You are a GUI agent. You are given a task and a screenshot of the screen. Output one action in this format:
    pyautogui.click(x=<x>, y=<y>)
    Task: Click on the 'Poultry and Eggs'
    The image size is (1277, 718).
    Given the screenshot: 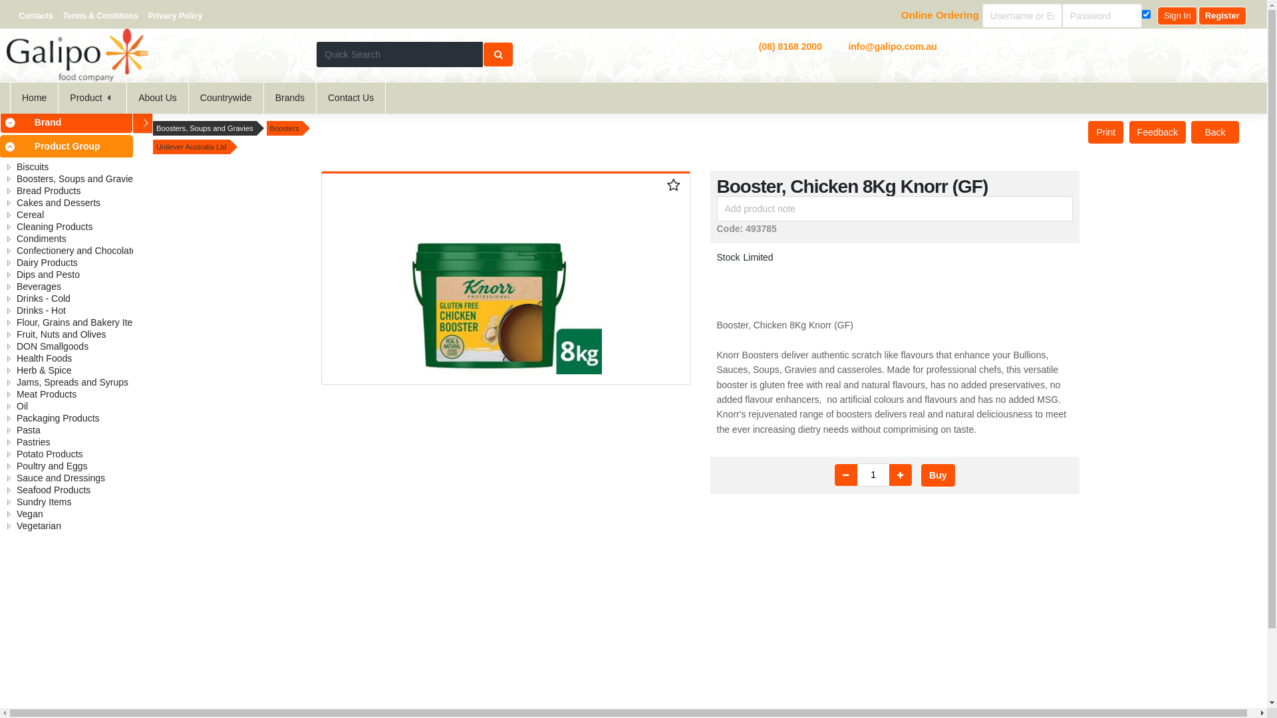 What is the action you would take?
    pyautogui.click(x=52, y=465)
    